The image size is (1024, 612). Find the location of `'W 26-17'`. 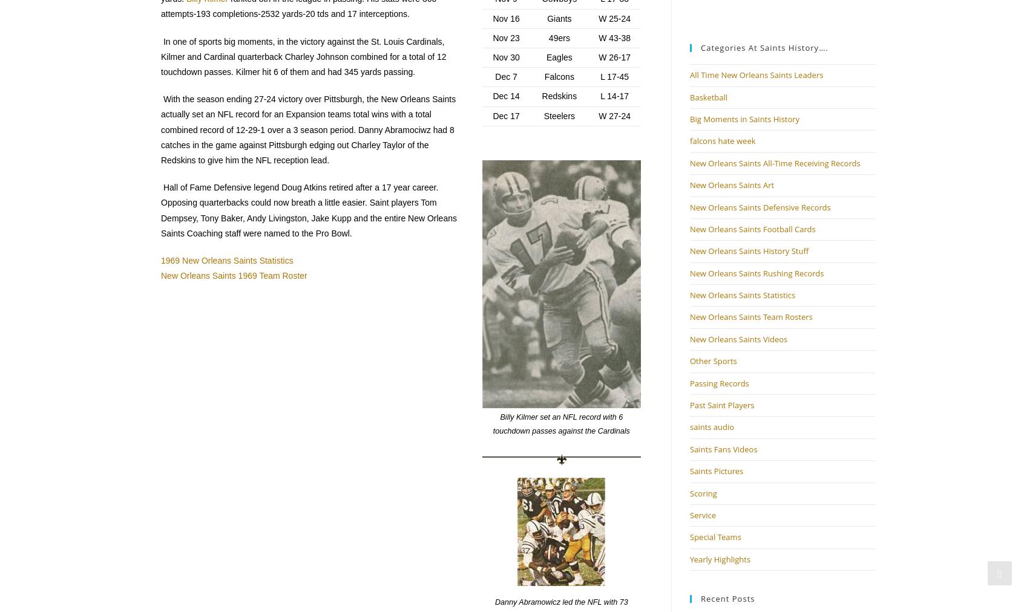

'W 26-17' is located at coordinates (614, 57).